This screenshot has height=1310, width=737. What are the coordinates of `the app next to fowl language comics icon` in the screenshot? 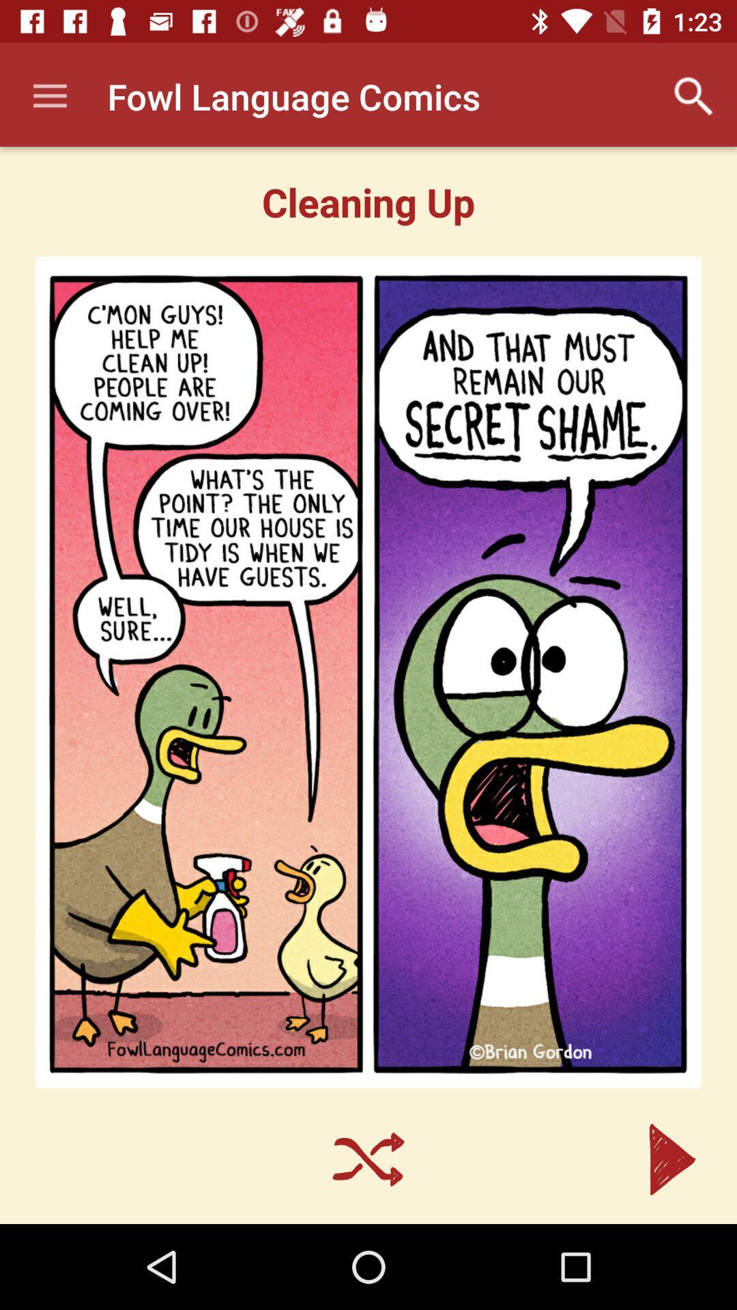 It's located at (694, 96).